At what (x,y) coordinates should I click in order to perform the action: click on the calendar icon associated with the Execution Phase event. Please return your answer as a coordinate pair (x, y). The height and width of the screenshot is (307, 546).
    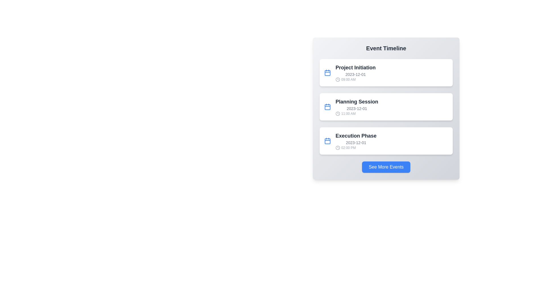
    Looking at the image, I should click on (328, 141).